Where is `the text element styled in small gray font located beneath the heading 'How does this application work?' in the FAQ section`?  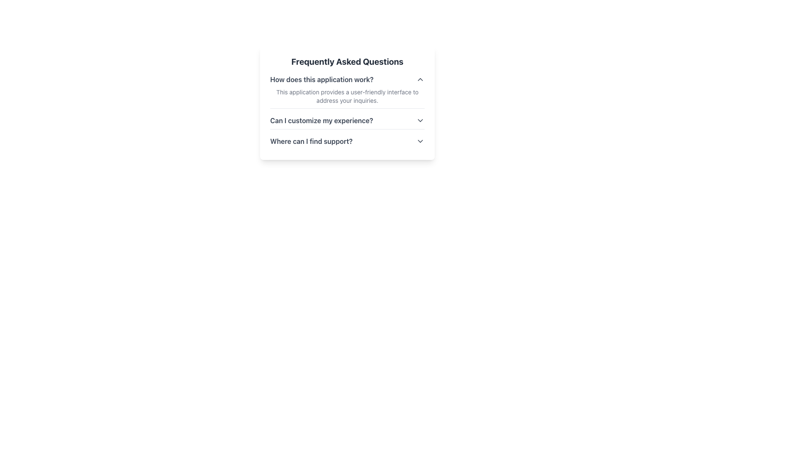
the text element styled in small gray font located beneath the heading 'How does this application work?' in the FAQ section is located at coordinates (347, 96).